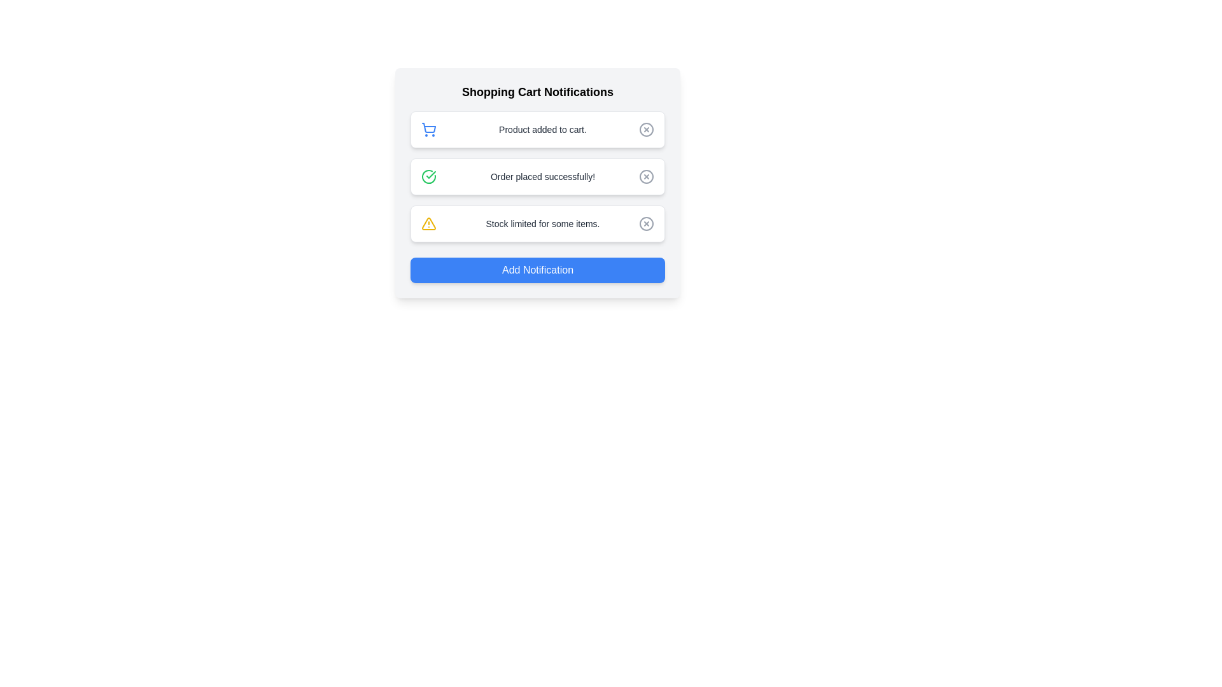  What do you see at coordinates (429, 128) in the screenshot?
I see `the shopping cart icon with a blue outline located in the topmost notification card under 'Shopping Cart Notifications', positioned to the left of the text 'Product added to cart.'` at bounding box center [429, 128].